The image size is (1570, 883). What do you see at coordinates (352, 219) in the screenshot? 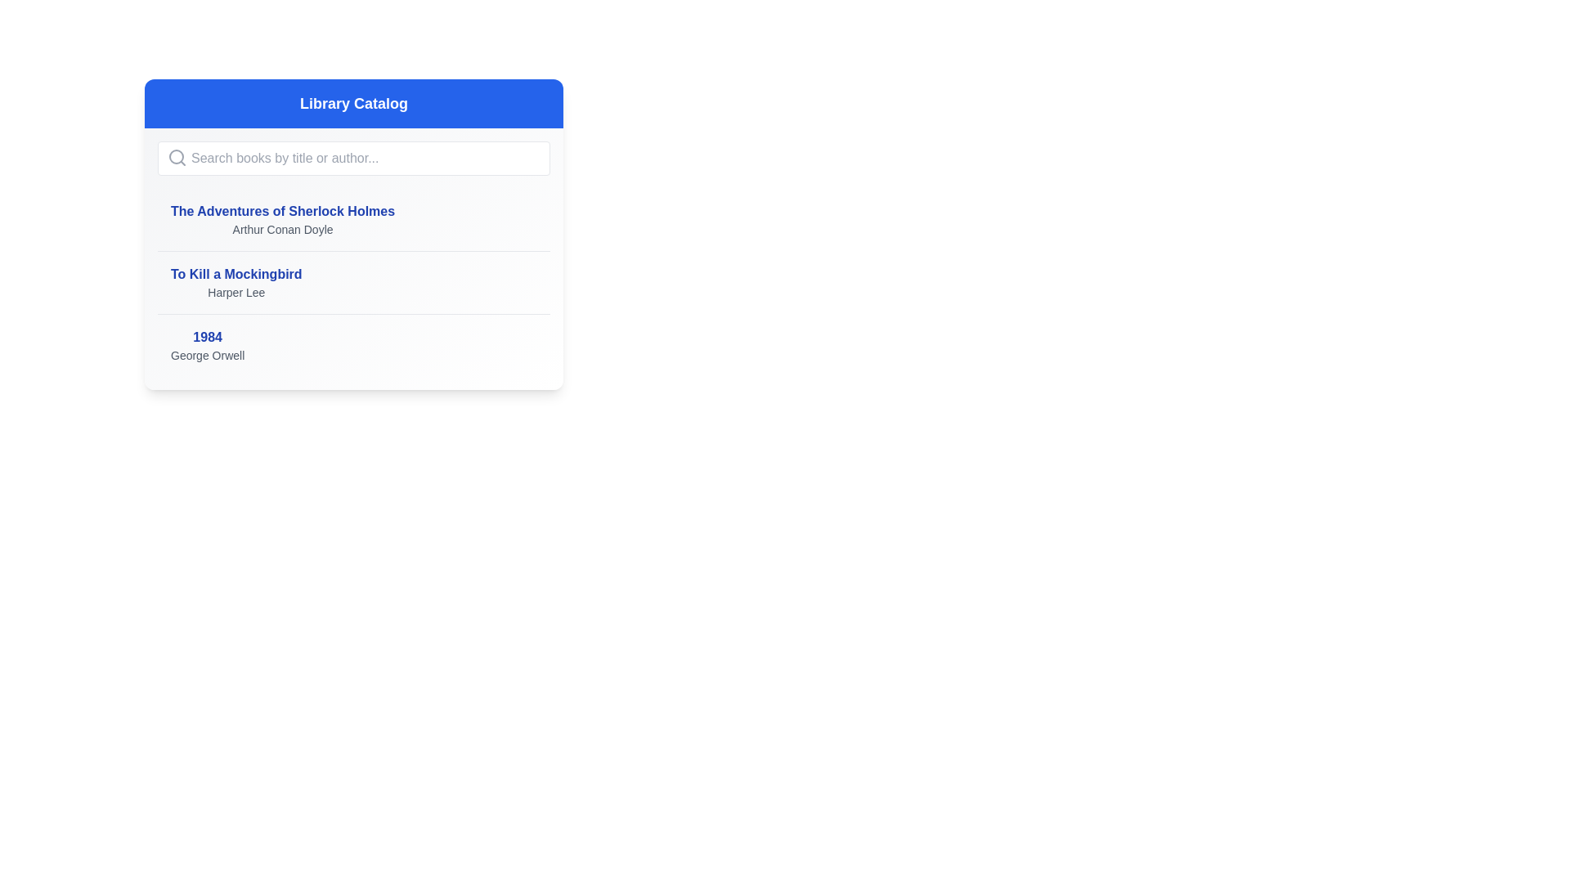
I see `the list item element representing the book entry titled 'The Adventures of Sherlock Holmes'` at bounding box center [352, 219].